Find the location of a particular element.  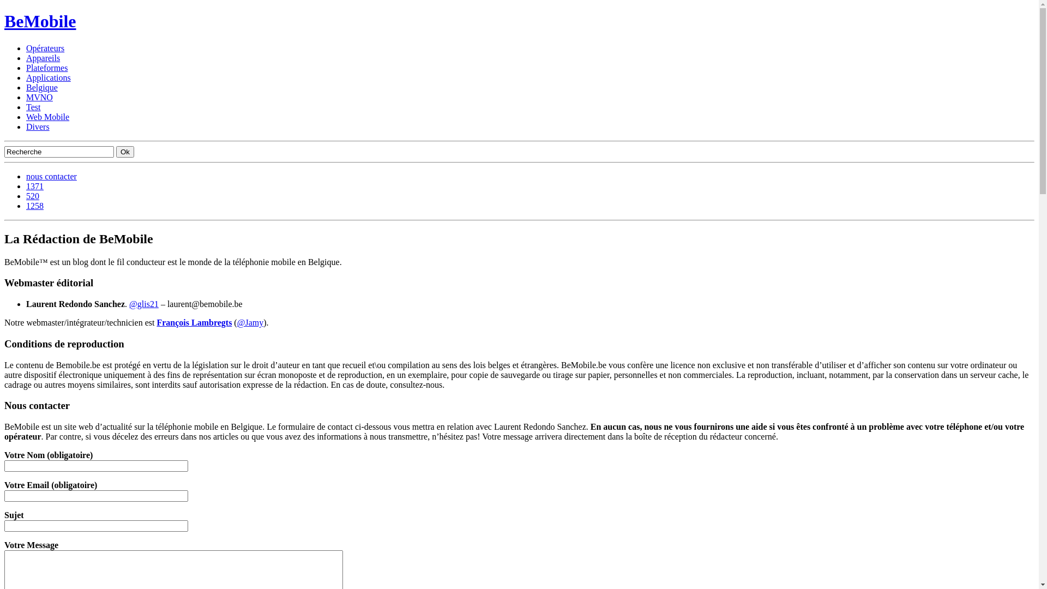

'520' is located at coordinates (32, 195).